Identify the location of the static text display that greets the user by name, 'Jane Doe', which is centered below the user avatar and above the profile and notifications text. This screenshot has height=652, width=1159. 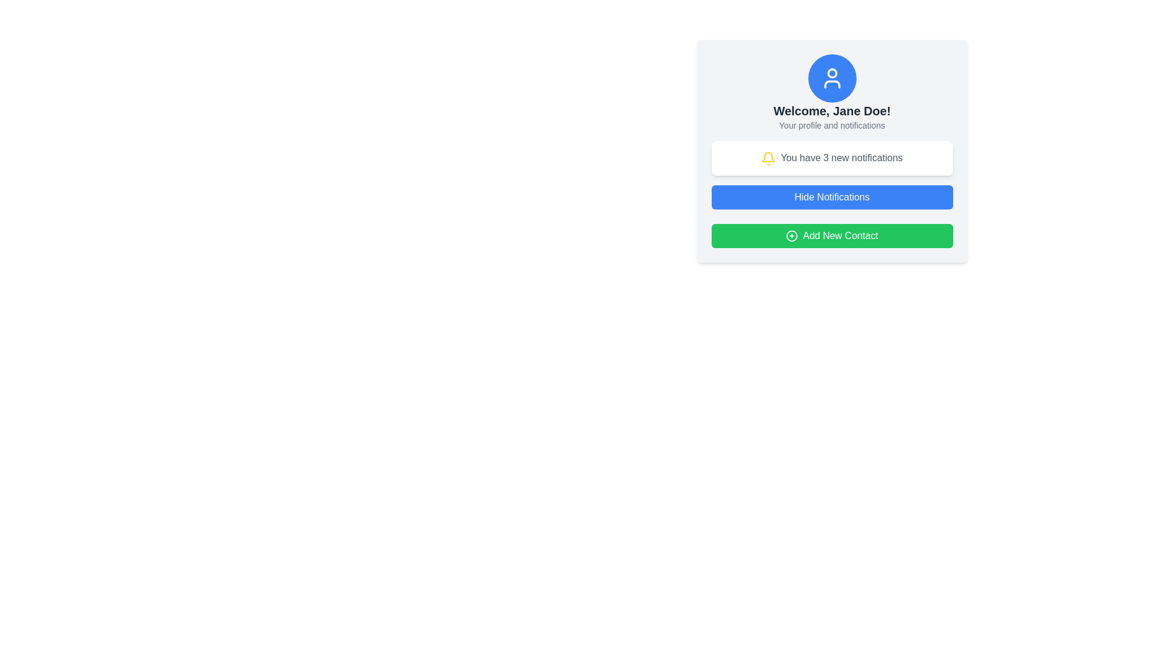
(831, 111).